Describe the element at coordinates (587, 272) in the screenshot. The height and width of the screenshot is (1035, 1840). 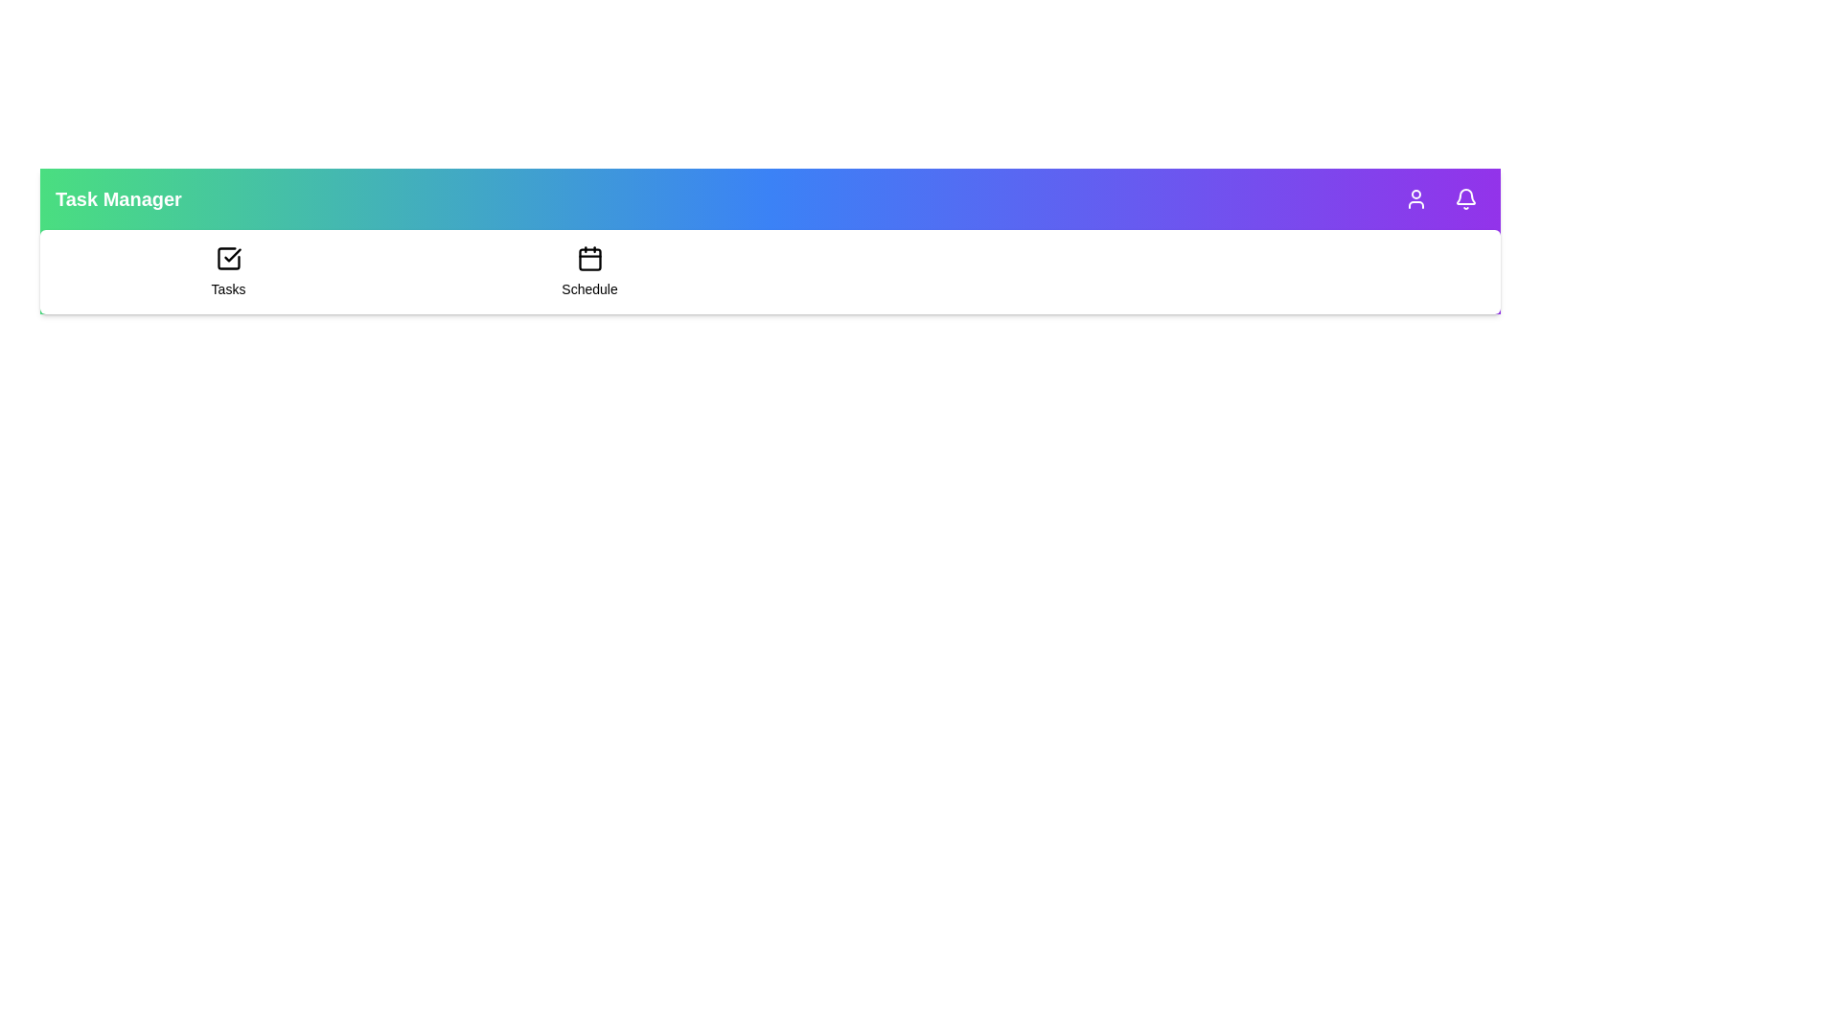
I see `the 'Schedule' item in the navigation menu` at that location.